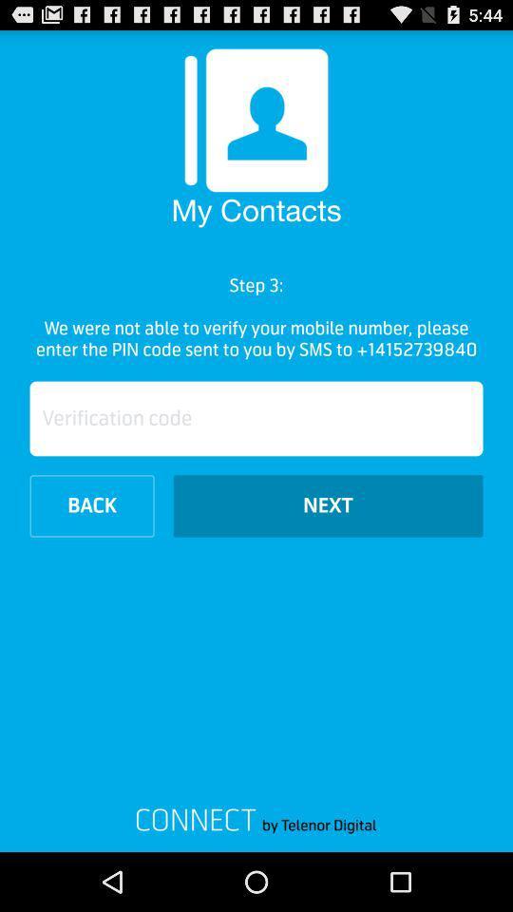 The width and height of the screenshot is (513, 912). I want to click on the item next to the next icon, so click(91, 504).